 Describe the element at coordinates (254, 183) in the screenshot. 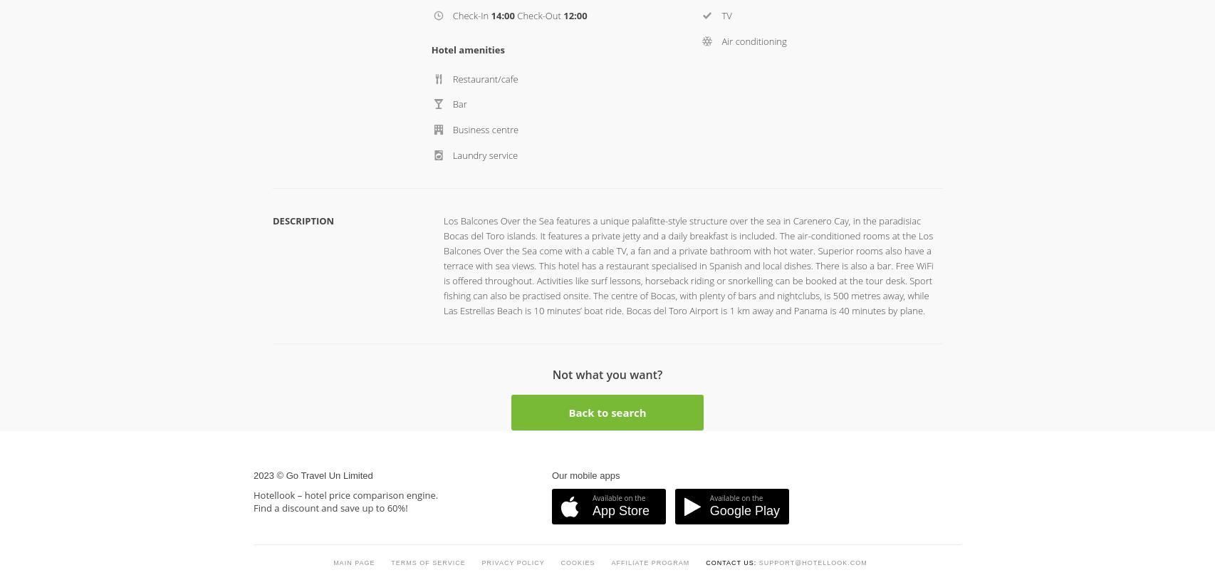

I see `'2023 © Go Travel Un Limited'` at that location.